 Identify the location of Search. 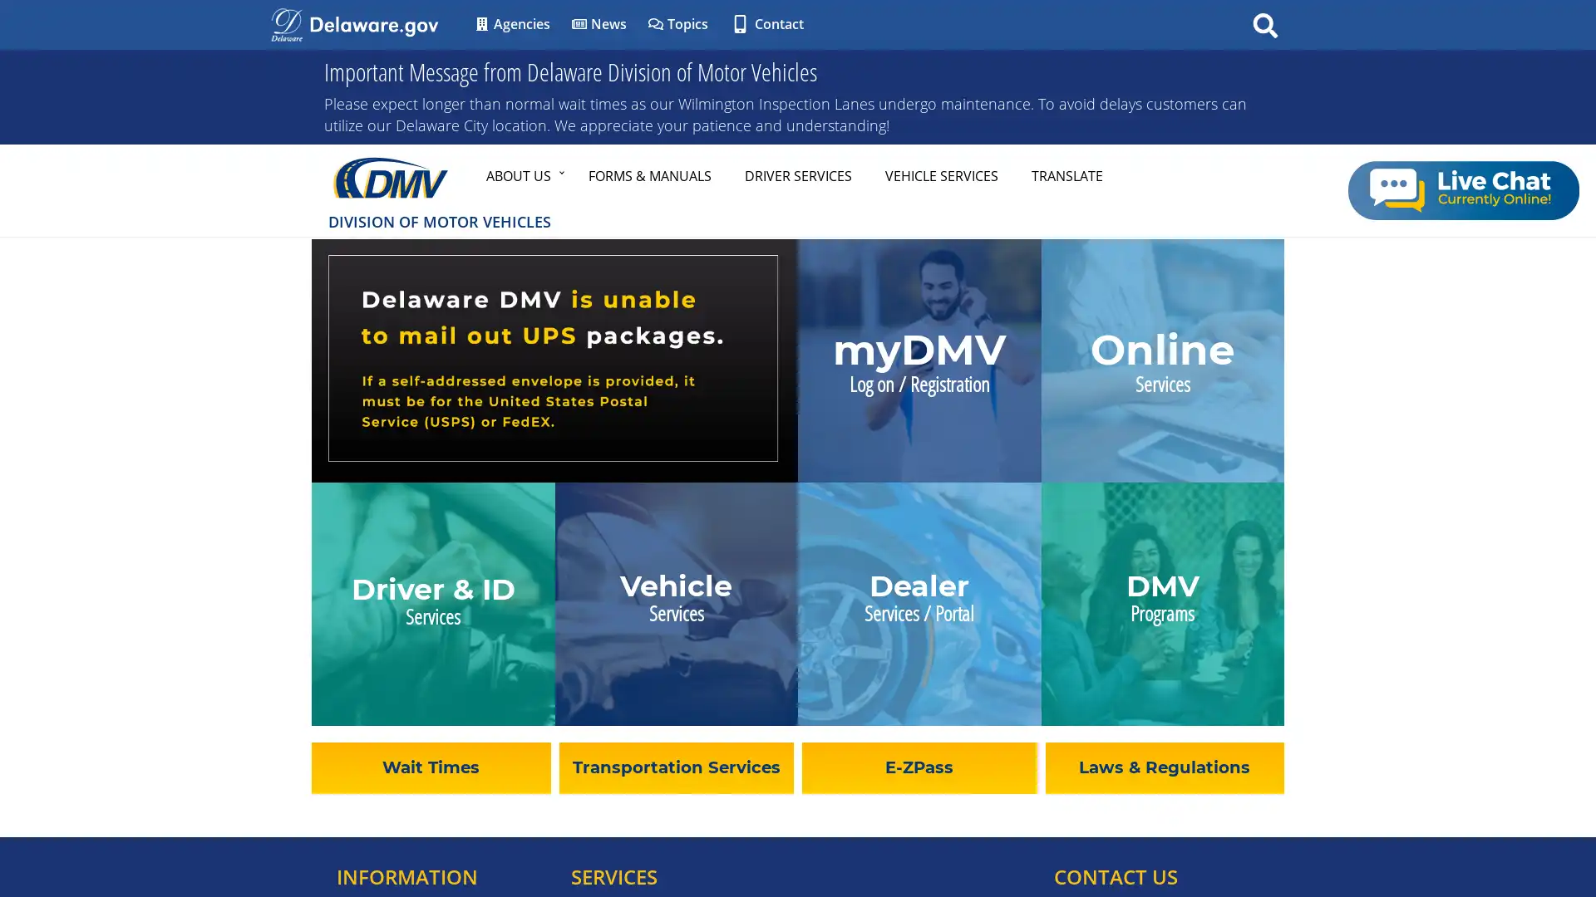
(1264, 24).